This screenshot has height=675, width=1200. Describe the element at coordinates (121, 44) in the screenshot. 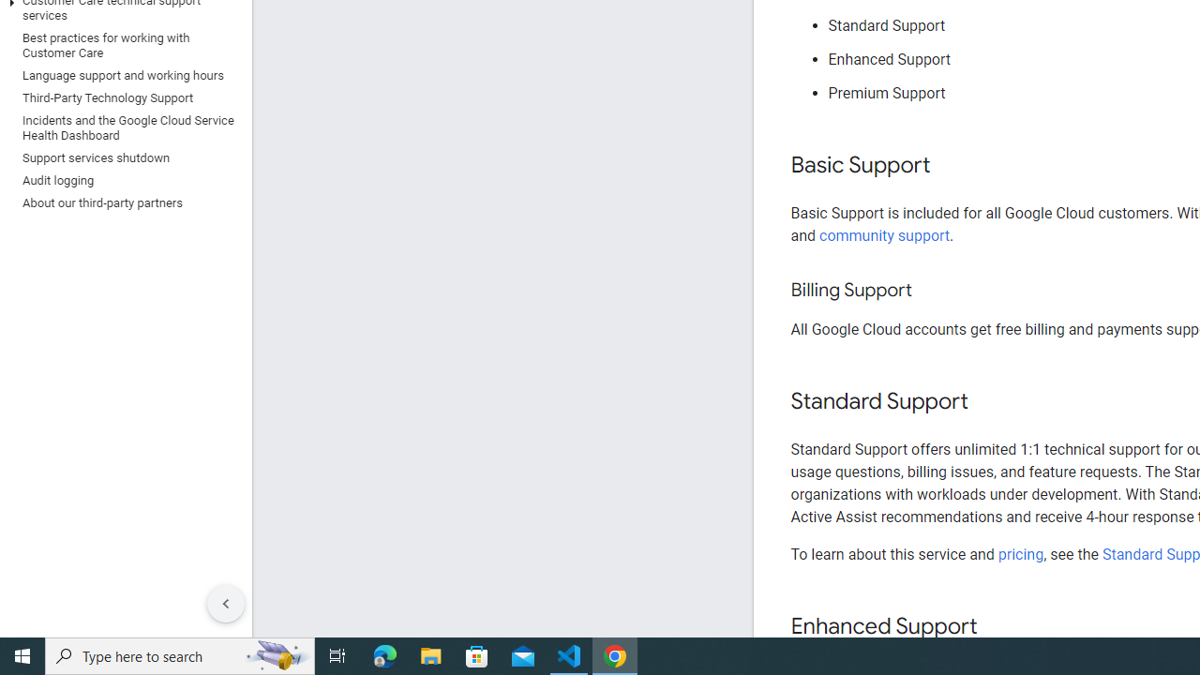

I see `'Best practices for working with Customer Care'` at that location.